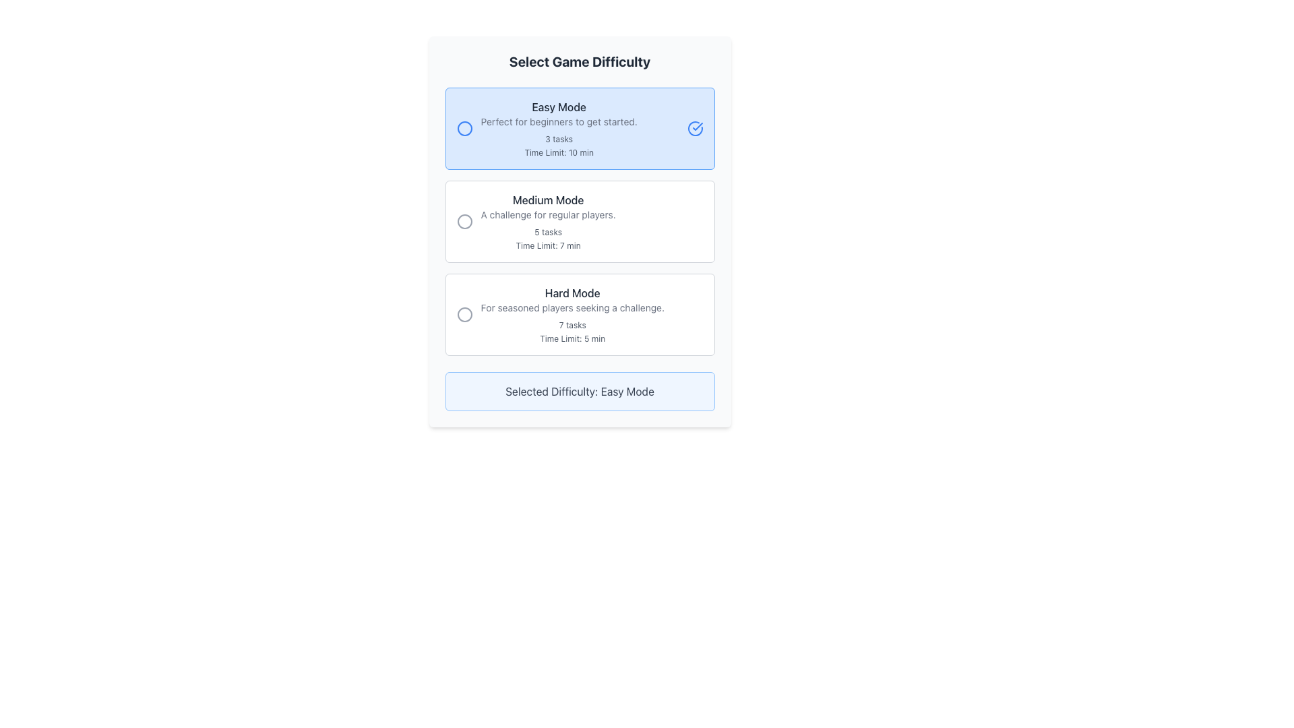  What do you see at coordinates (464, 220) in the screenshot?
I see `the circular SVG graphical element located in the 'Medium Mode' difficulty section, which is visually centered near the 'Medium Mode' text` at bounding box center [464, 220].